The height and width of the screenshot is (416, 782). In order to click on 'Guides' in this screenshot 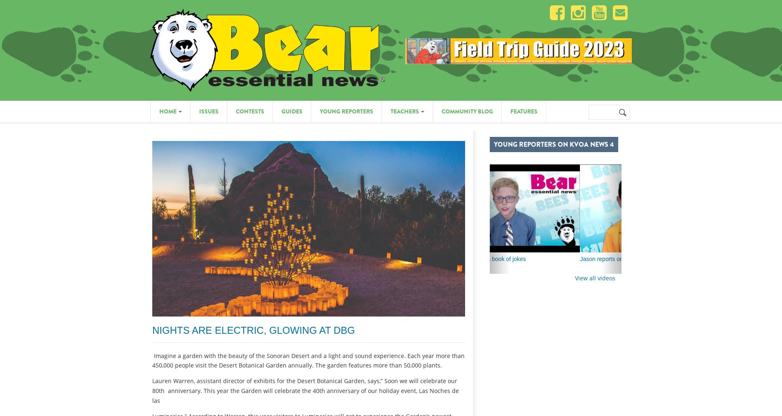, I will do `click(282, 111)`.